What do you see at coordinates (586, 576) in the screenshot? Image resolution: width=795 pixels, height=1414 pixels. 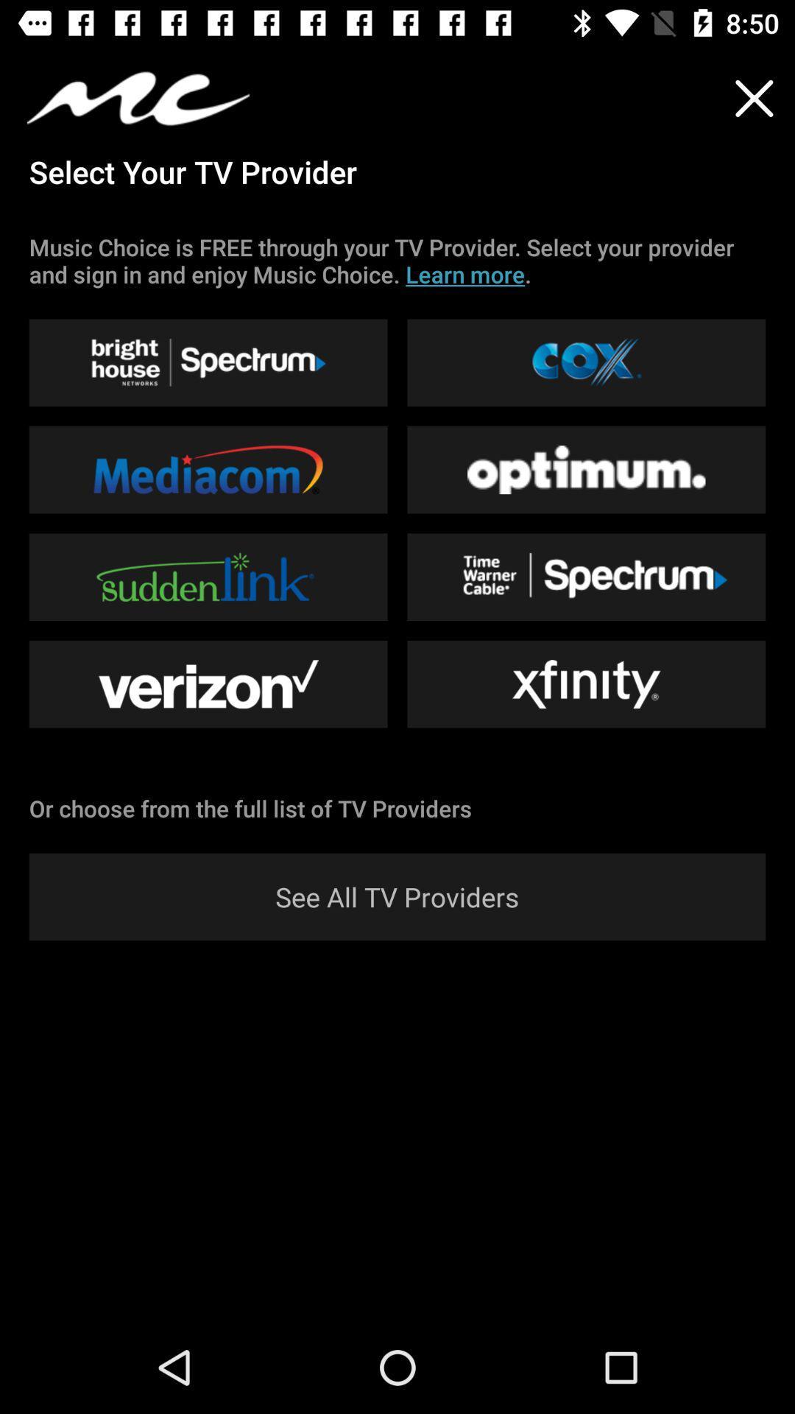 I see `the option beside suddenlink option` at bounding box center [586, 576].